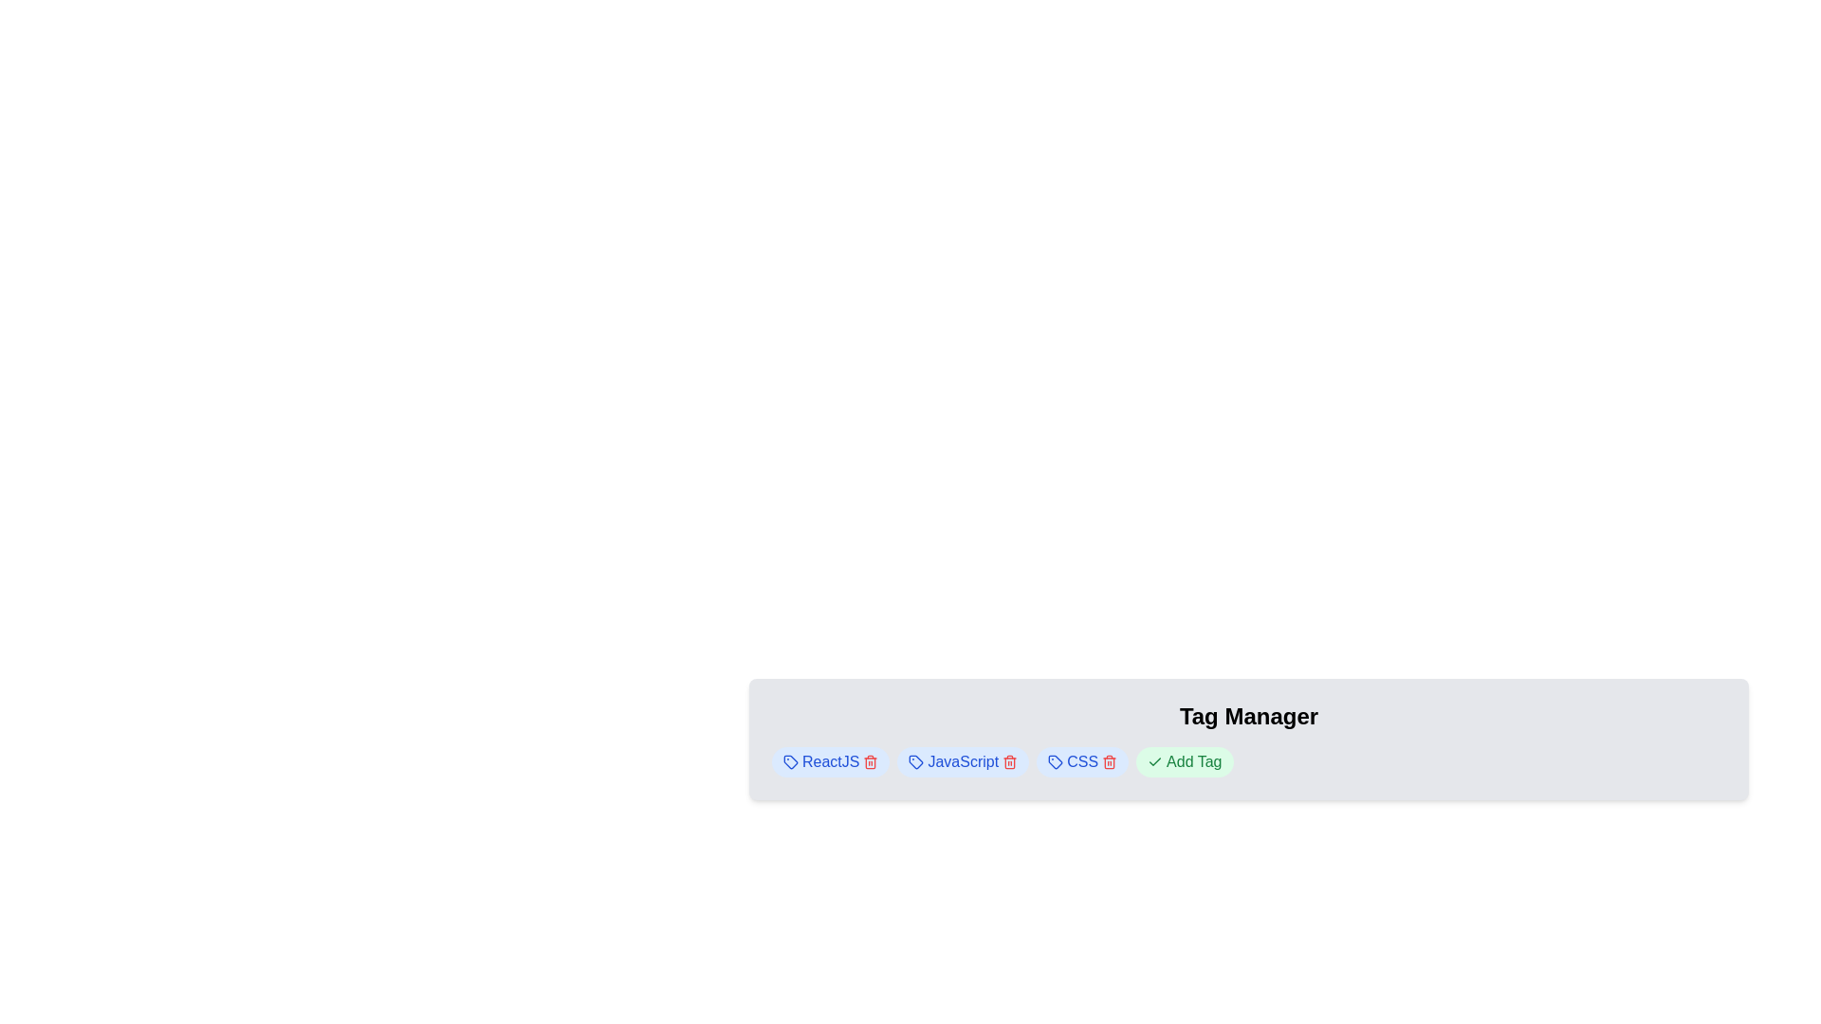  Describe the element at coordinates (916, 760) in the screenshot. I see `the small tag-shaped icon with a light blue background and white foreground, located next to the 'JavaScript' tag label` at that location.